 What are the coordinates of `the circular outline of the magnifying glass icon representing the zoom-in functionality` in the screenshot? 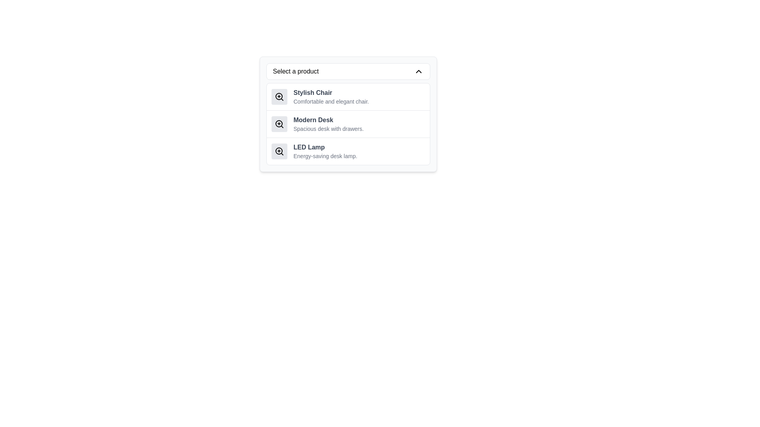 It's located at (279, 151).